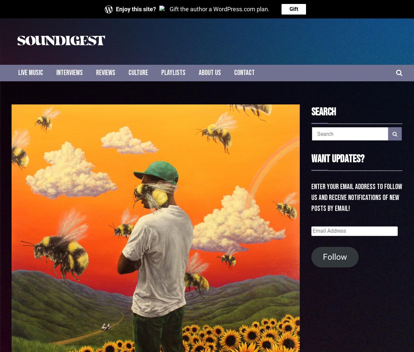 The width and height of the screenshot is (414, 352). Describe the element at coordinates (335, 256) in the screenshot. I see `'Follow'` at that location.